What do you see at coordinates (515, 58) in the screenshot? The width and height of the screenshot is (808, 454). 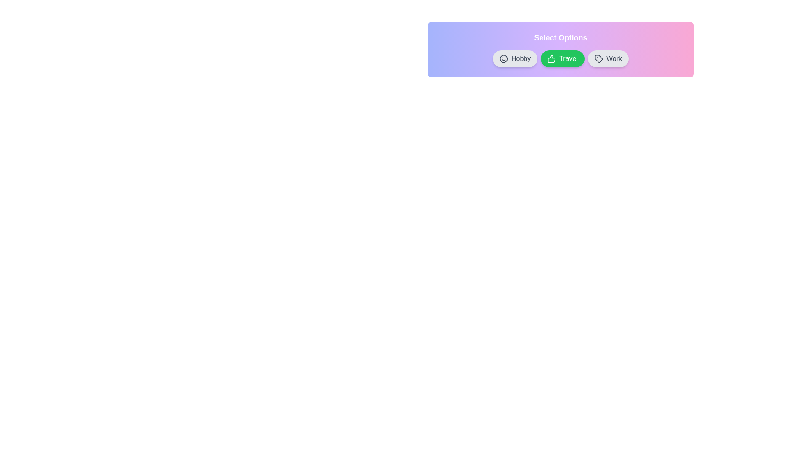 I see `the chip labeled Hobby` at bounding box center [515, 58].